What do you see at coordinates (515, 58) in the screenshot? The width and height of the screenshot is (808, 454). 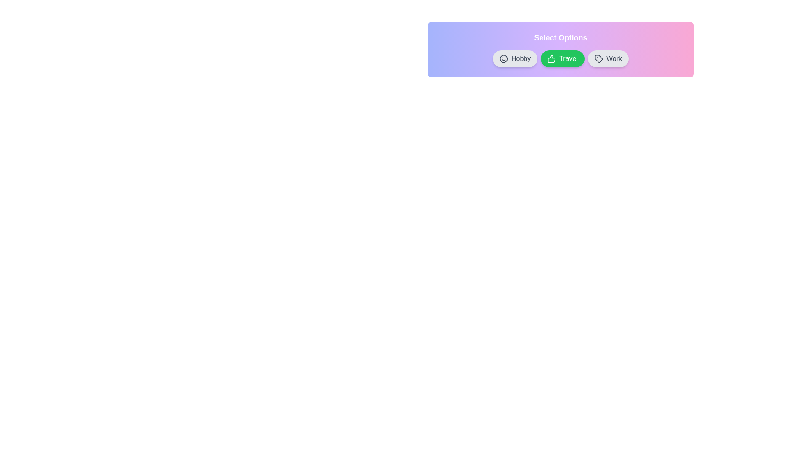 I see `the chip labeled Hobby` at bounding box center [515, 58].